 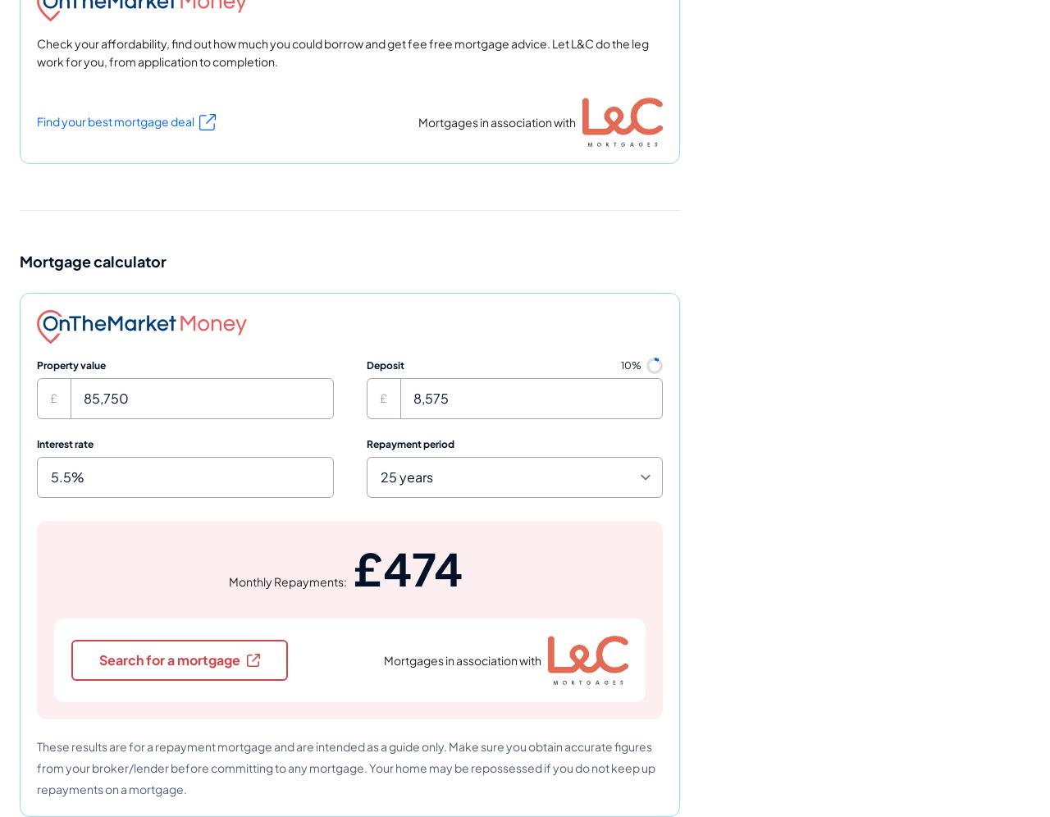 What do you see at coordinates (345, 767) in the screenshot?
I see `'These results are for a repayment mortgage and are intended as a guide only. Make sure you obtain accurate figures from your broker/lender before committing to any mortgage. Your home may be repossessed if you do not keep up repayments on a mortgage.'` at bounding box center [345, 767].